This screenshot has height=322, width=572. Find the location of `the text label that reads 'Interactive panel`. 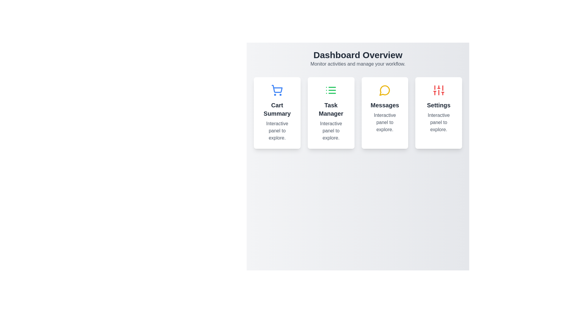

the text label that reads 'Interactive panel is located at coordinates (277, 131).